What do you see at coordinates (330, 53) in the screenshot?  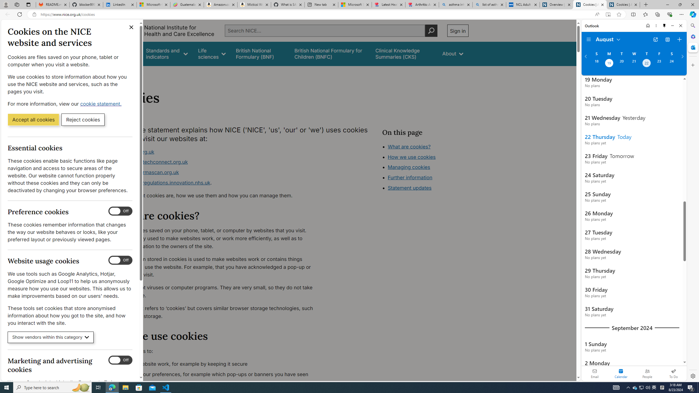 I see `'British National Formulary for Children (BNFC)'` at bounding box center [330, 53].